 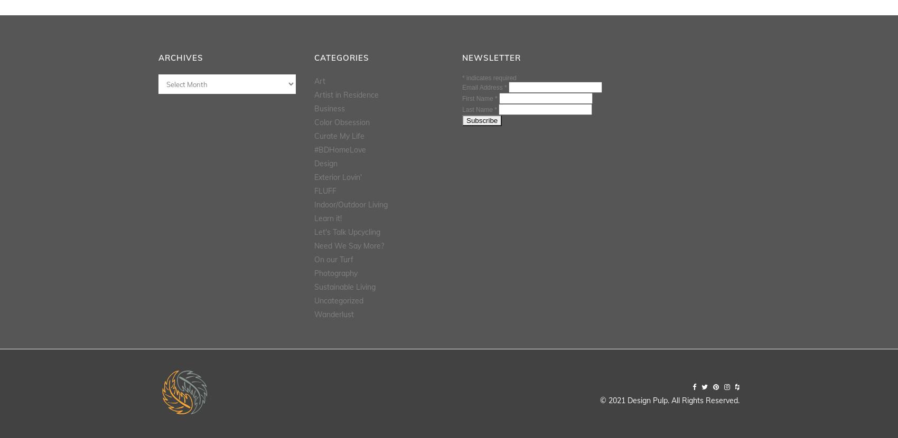 What do you see at coordinates (319, 80) in the screenshot?
I see `'Art'` at bounding box center [319, 80].